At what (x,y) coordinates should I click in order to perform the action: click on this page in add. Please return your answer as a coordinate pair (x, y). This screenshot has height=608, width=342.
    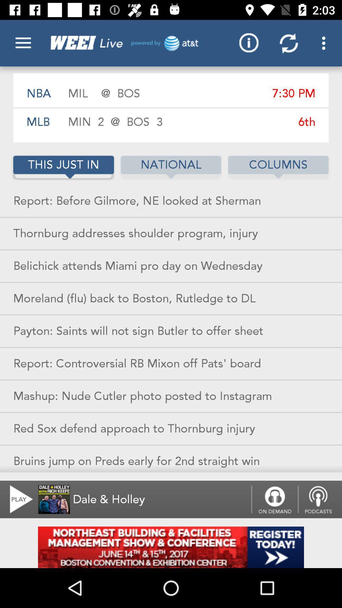
    Looking at the image, I should click on (171, 547).